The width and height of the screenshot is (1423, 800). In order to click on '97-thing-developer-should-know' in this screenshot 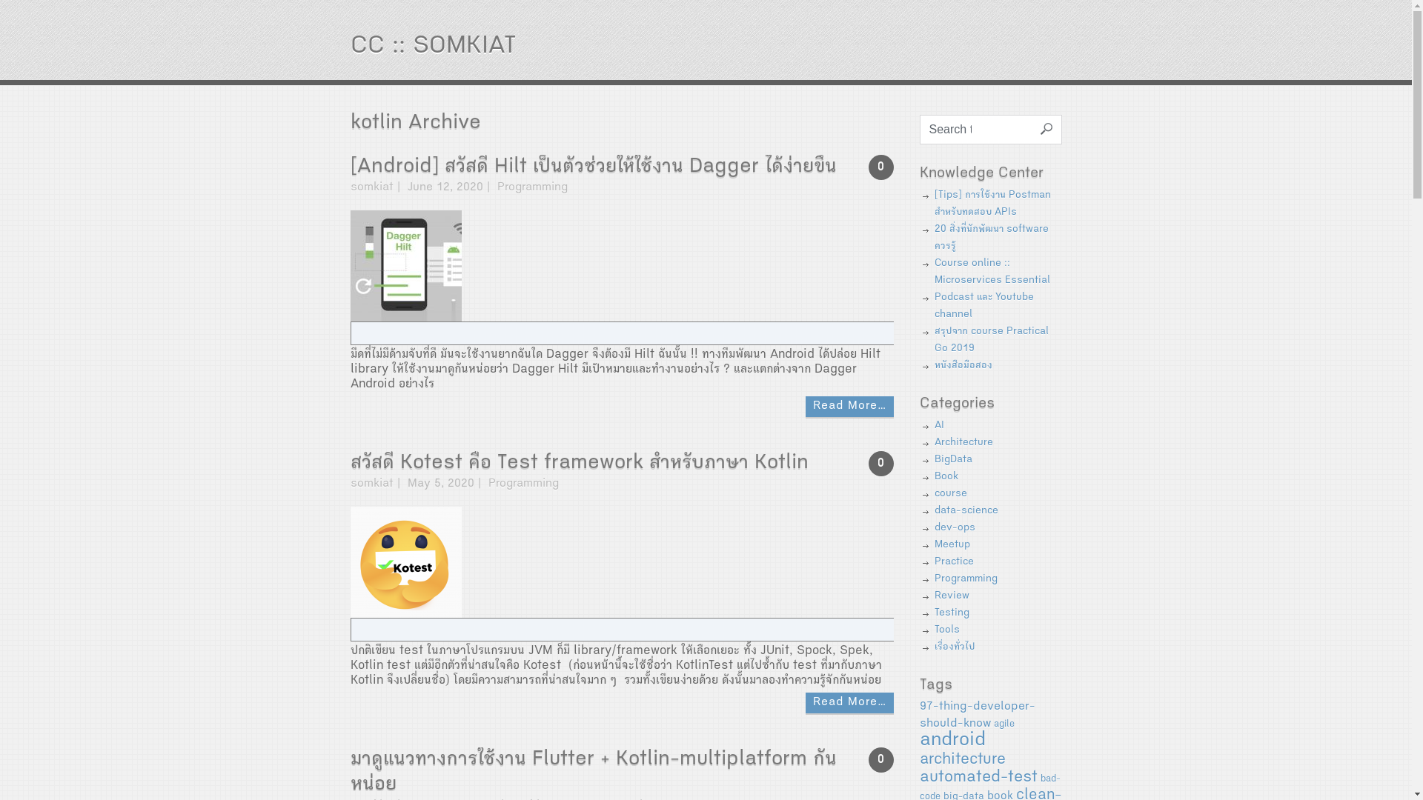, I will do `click(977, 715)`.